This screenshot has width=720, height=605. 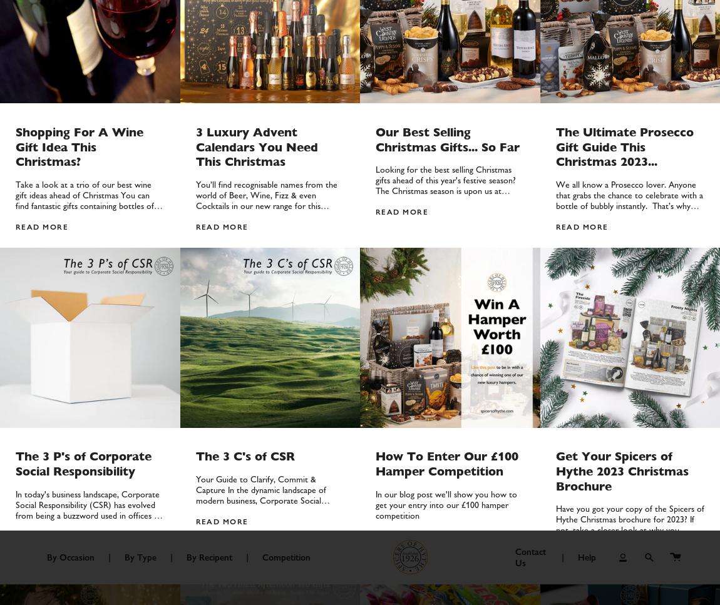 What do you see at coordinates (170, 33) in the screenshot?
I see `'For Mum'` at bounding box center [170, 33].